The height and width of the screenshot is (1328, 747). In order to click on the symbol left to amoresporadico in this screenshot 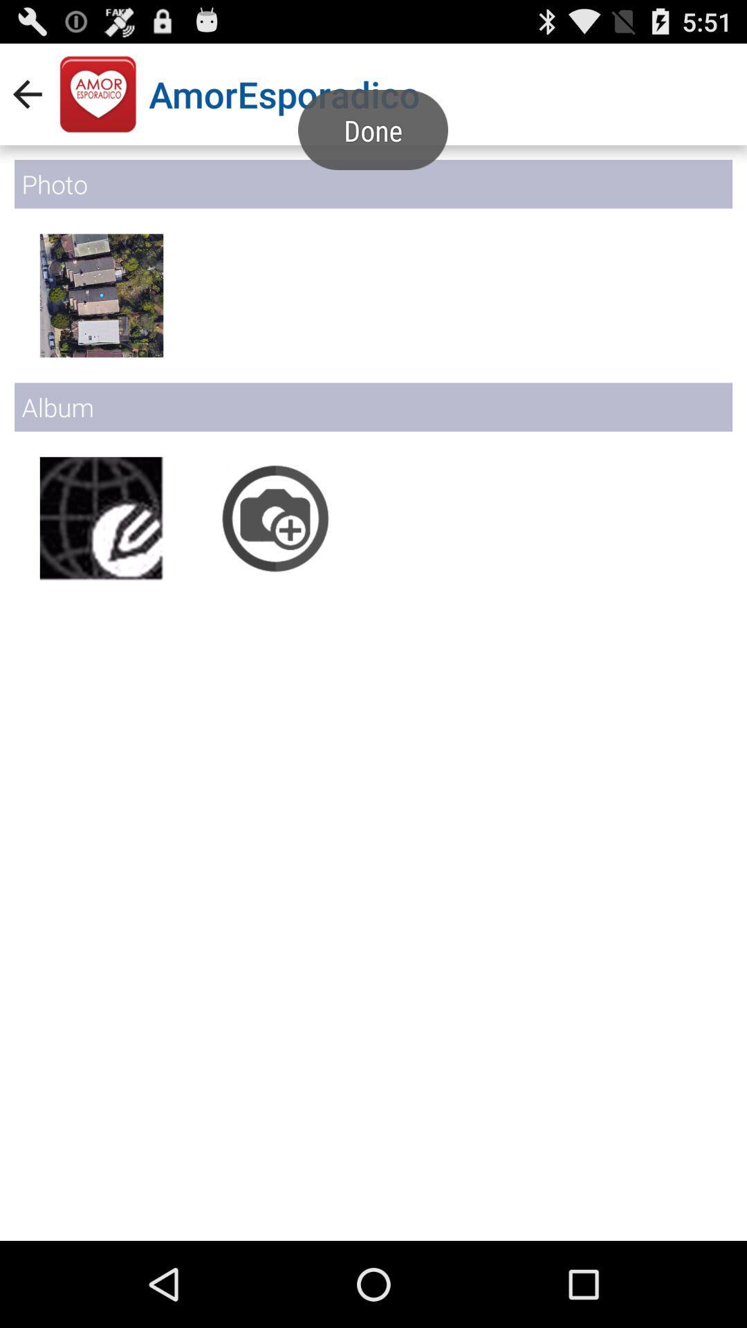, I will do `click(98, 94)`.